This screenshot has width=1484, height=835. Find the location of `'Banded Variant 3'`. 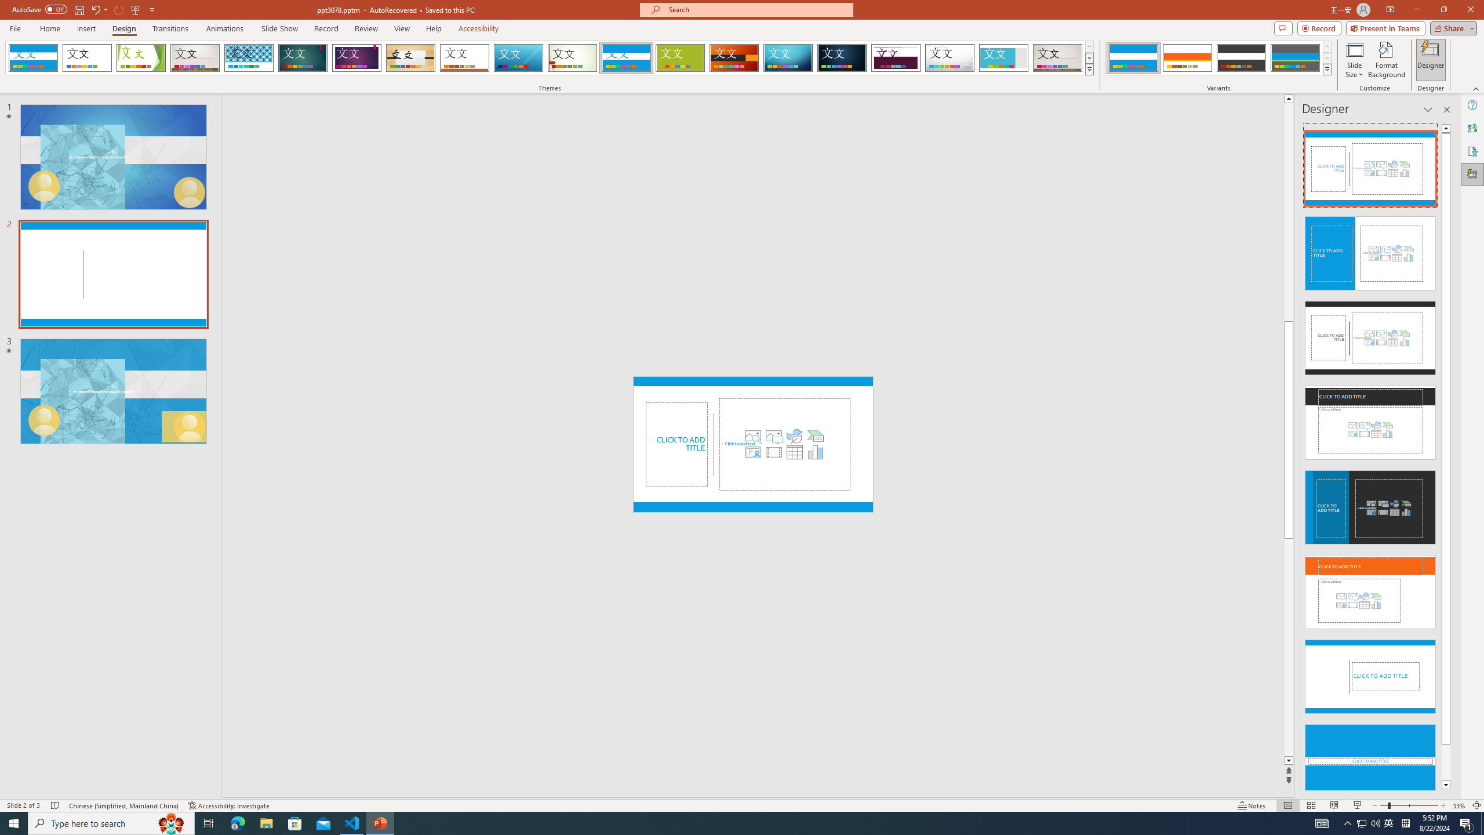

'Banded Variant 3' is located at coordinates (1241, 57).